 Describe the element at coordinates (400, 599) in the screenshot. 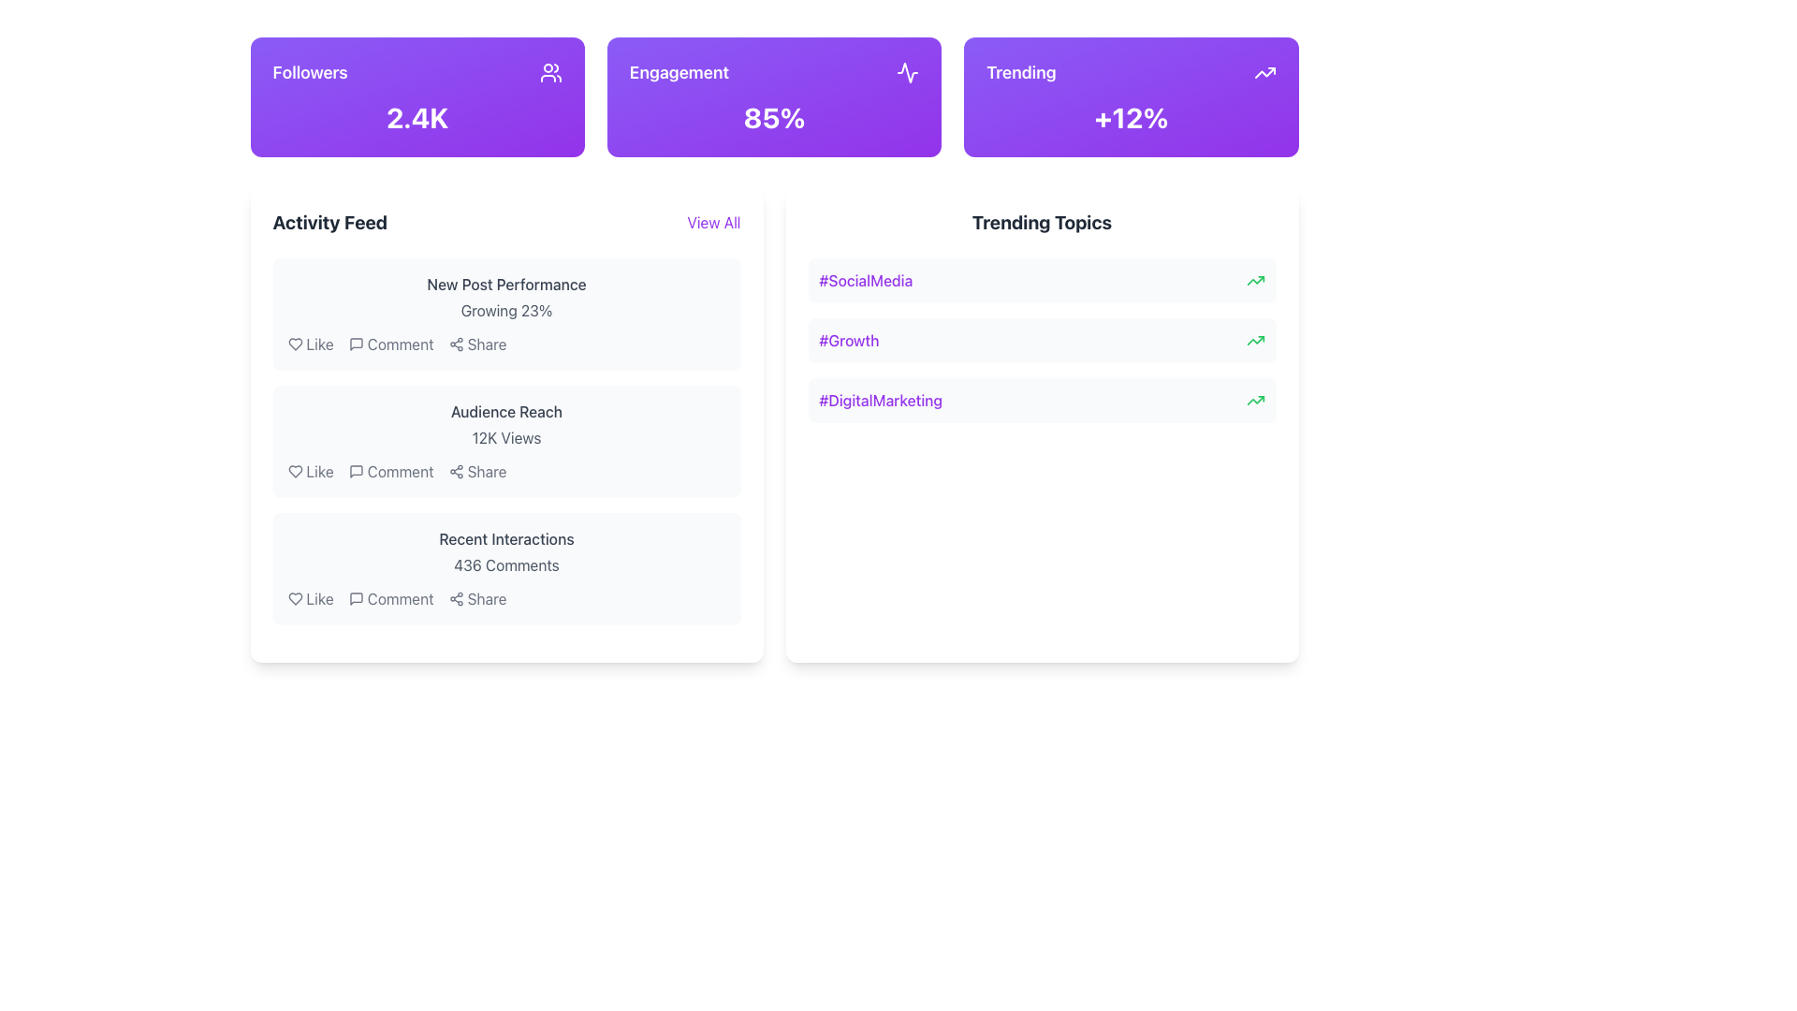

I see `the comment button located in the third card of the 'Activity Feed' section, under 'Recent Interactions', positioned between the 'Like' and 'Share' buttons to initiate commenting` at that location.